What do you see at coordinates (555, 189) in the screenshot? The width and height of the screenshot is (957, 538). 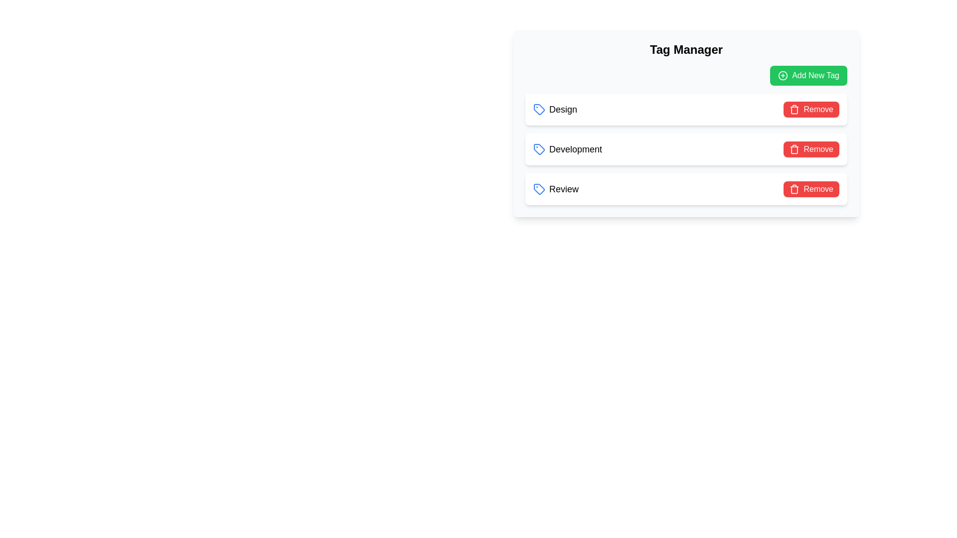 I see `text labeled 'Review' located in the bottom row of the 'Tag Manager' card, where other tags like 'Design' and 'Development' are present` at bounding box center [555, 189].